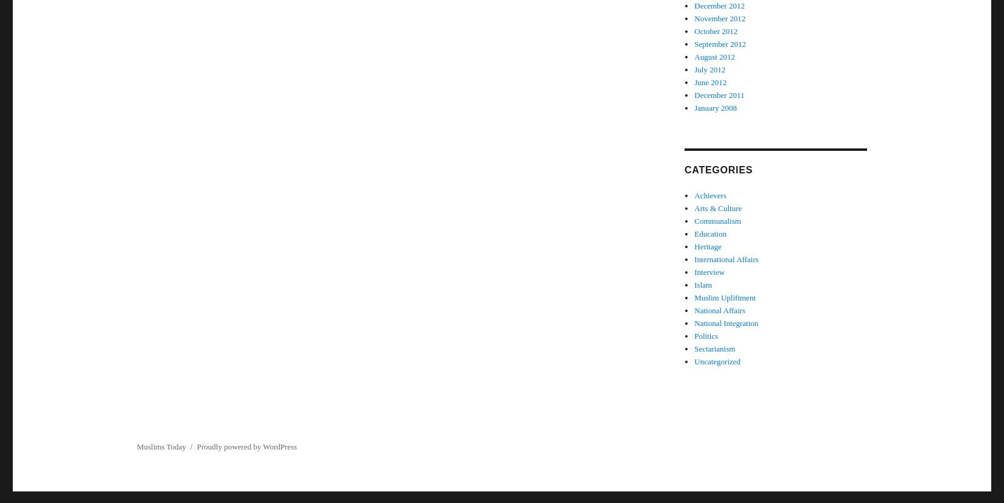 This screenshot has width=1004, height=503. Describe the element at coordinates (709, 69) in the screenshot. I see `'July 2012'` at that location.